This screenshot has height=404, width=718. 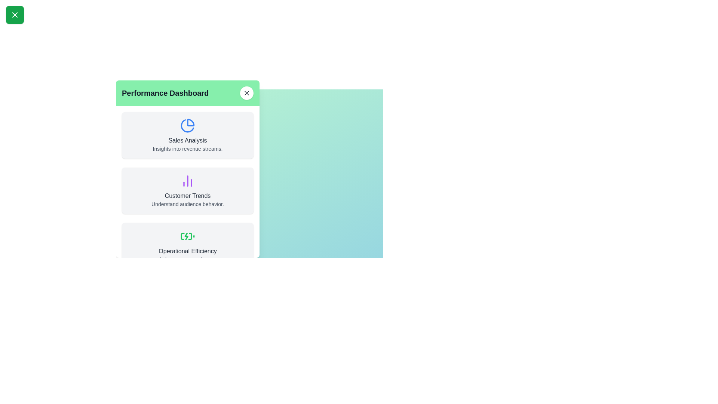 What do you see at coordinates (188, 190) in the screenshot?
I see `the purple bar chart icon at the top of the 'Customer Trends' Card UI component in the 'Performance Dashboard' section` at bounding box center [188, 190].